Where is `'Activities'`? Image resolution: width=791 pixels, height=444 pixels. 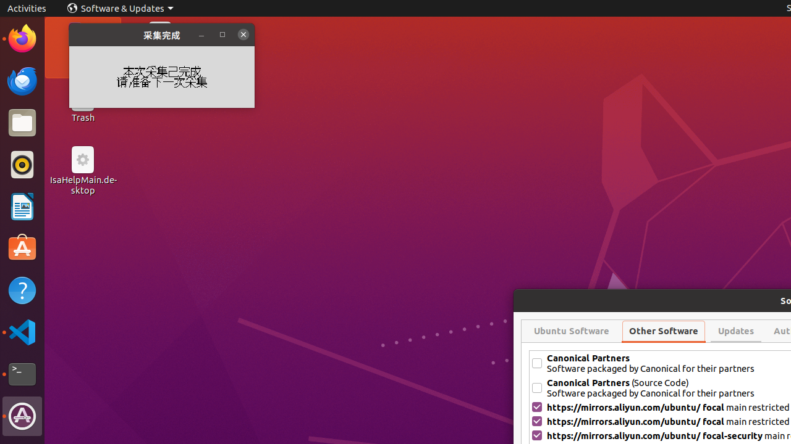 'Activities' is located at coordinates (27, 8).